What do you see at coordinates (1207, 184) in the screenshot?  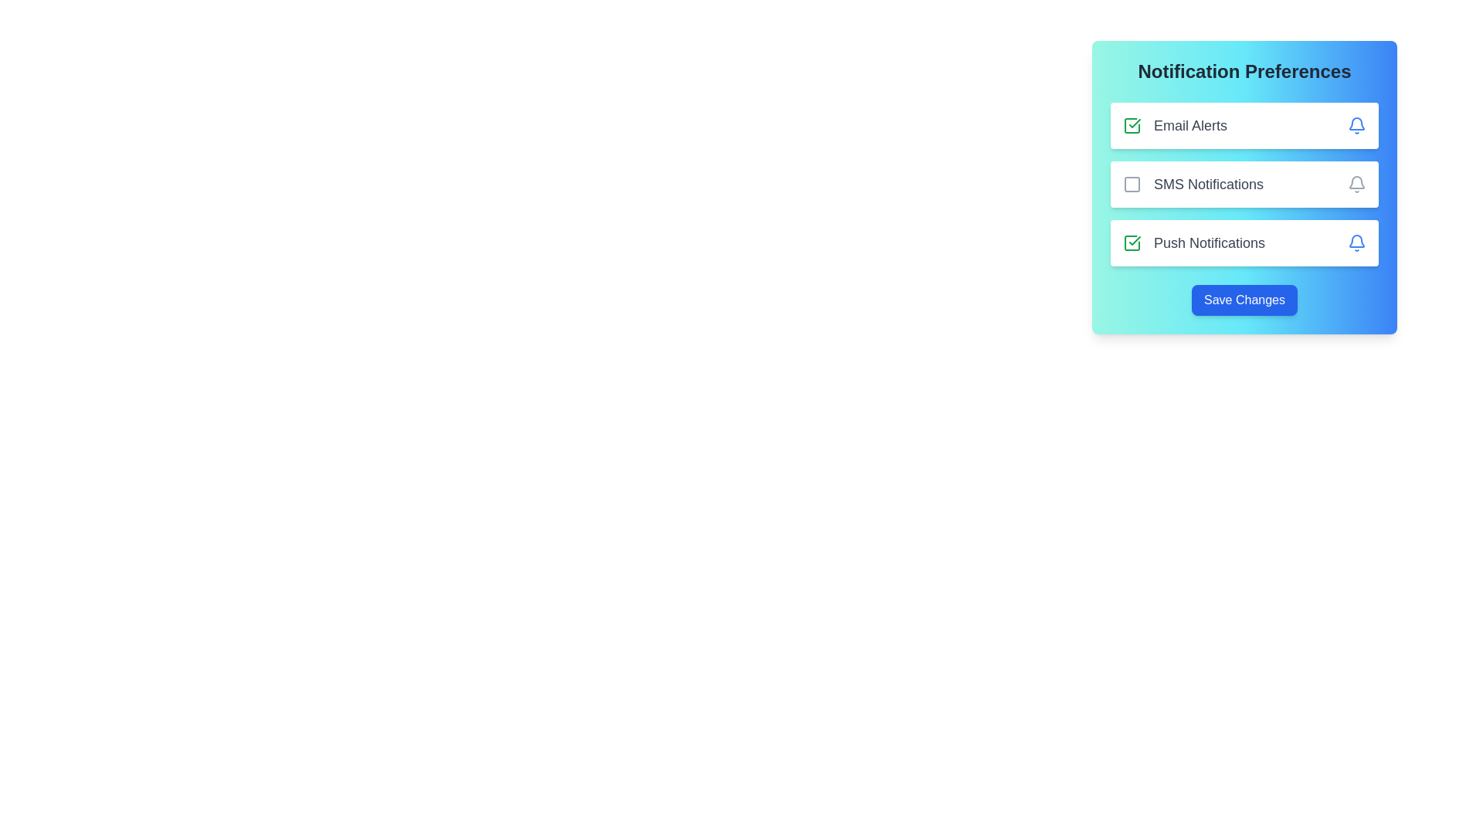 I see `the Text Label that describes SMS notification functionalities, located between a checkbox and a bell icon` at bounding box center [1207, 184].